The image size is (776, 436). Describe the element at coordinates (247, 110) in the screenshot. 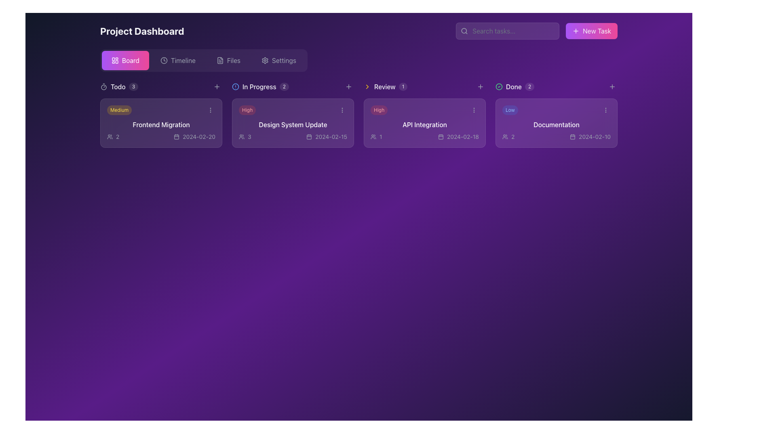

I see `the 'High' priority badge located inside the 'Design System Update' card in the 'In Progress' column, positioned to the left of the ellipsis menu` at that location.